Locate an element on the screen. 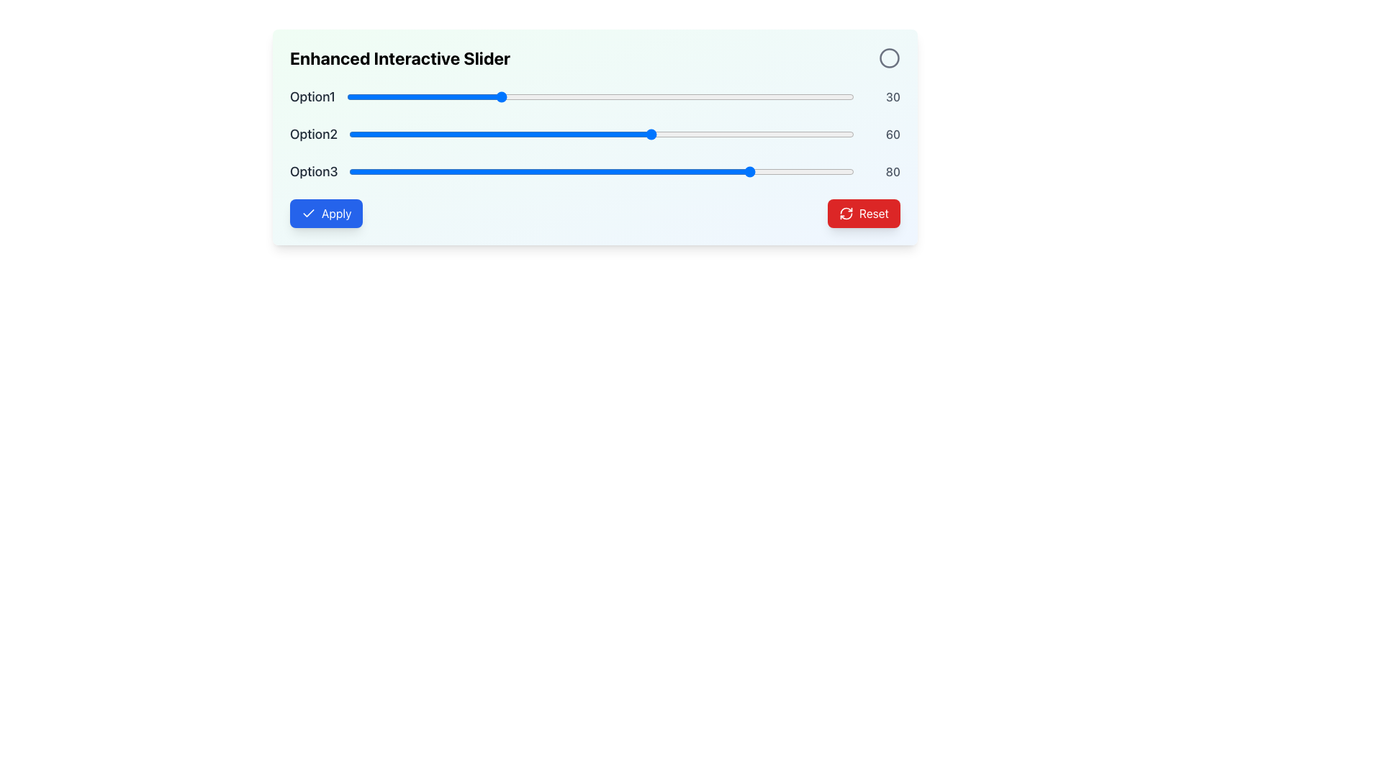 The image size is (1382, 777). the static text displaying the current value associated with the slider in the 'Option1' group, located at the far-right end of the top row is located at coordinates (882, 97).